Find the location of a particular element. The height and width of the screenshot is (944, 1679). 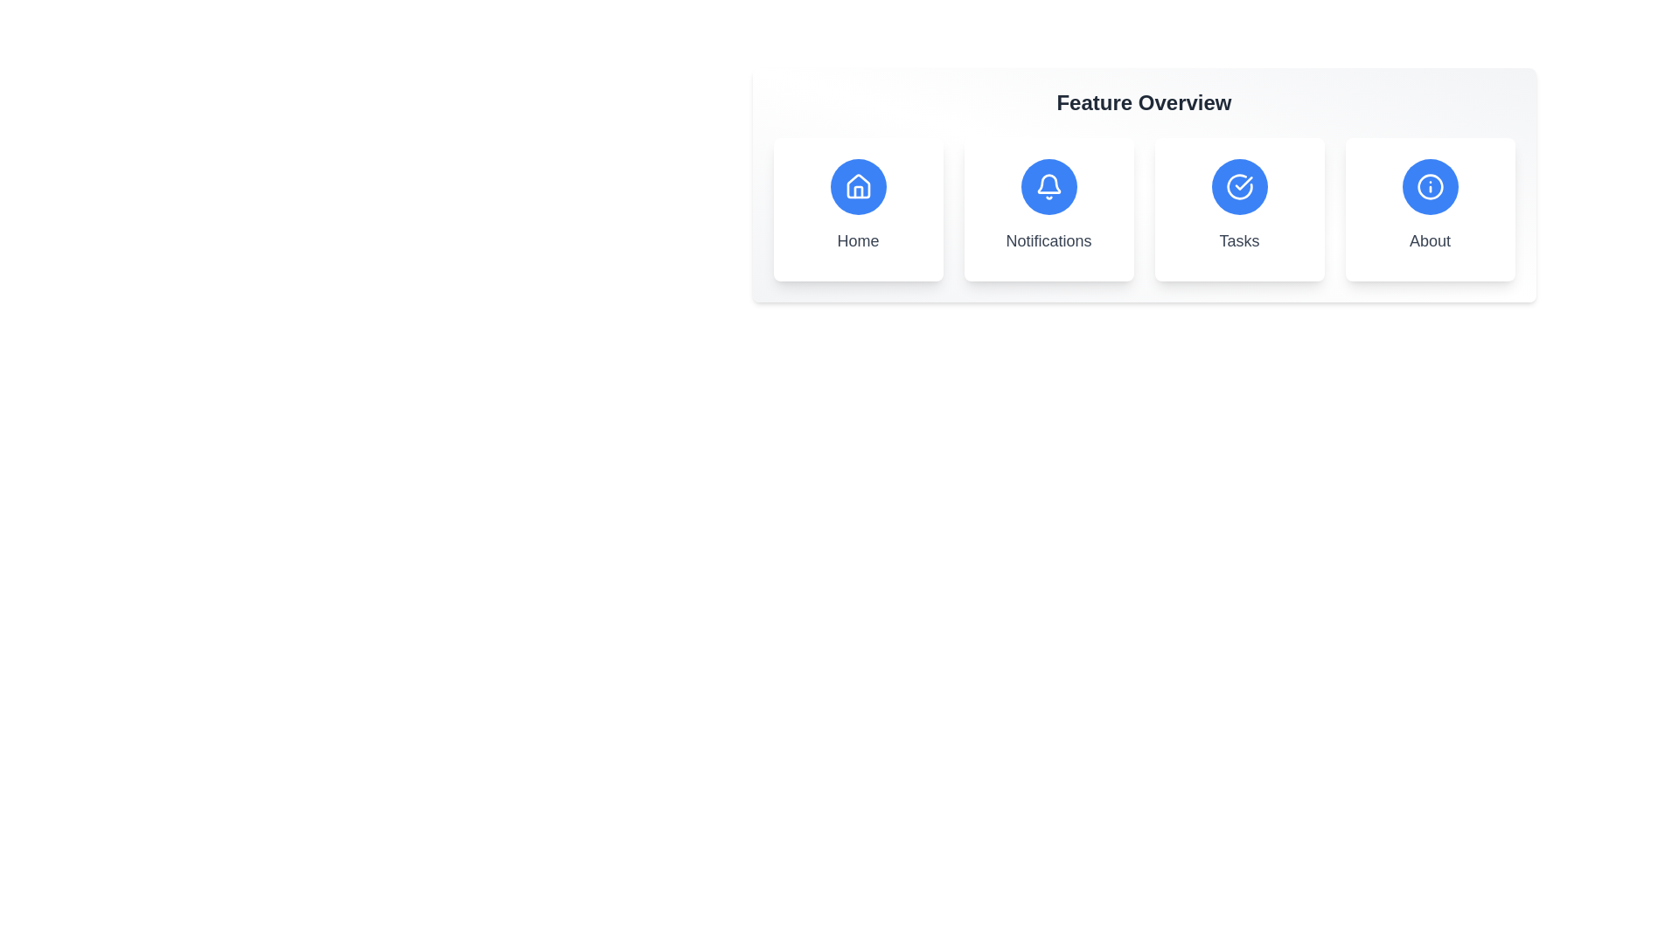

the second icon from the left in the row of four icons under the 'Feature Overview' section is located at coordinates (1049, 186).